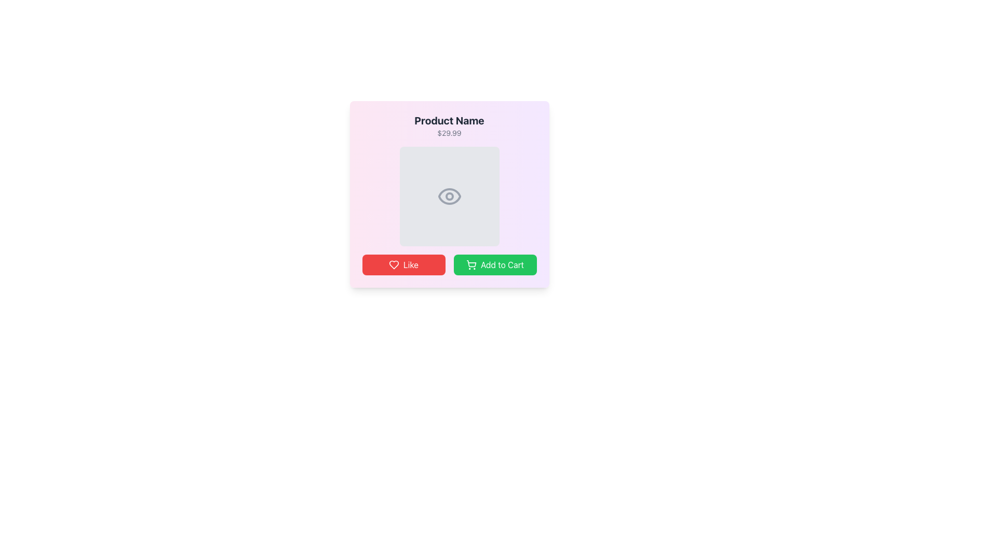 The width and height of the screenshot is (997, 560). What do you see at coordinates (449, 125) in the screenshot?
I see `the product information header text block that displays the name and price of the product, which is located at the top of the card with a pink-to-purple gradient background` at bounding box center [449, 125].